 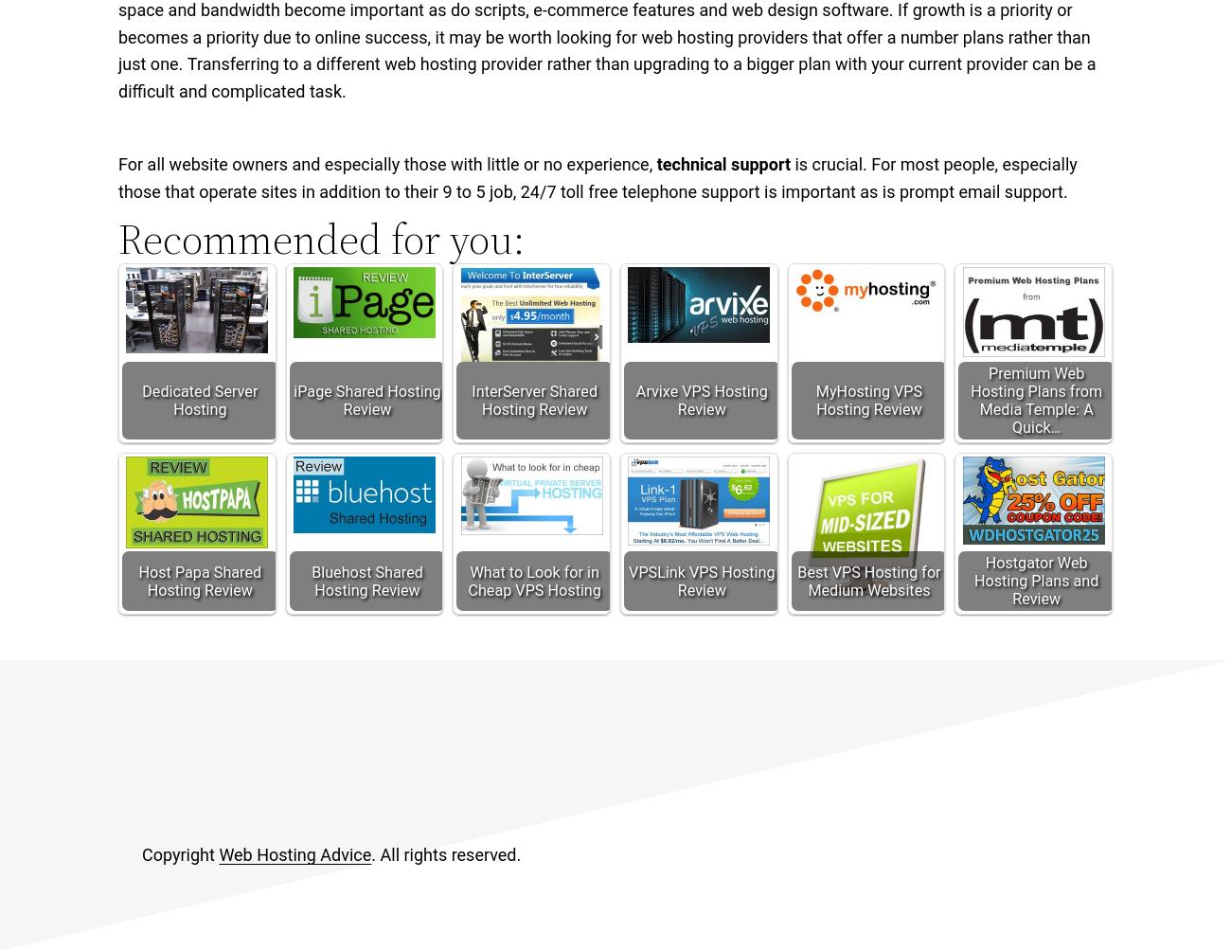 I want to click on '. All rights reserved.', so click(x=444, y=854).